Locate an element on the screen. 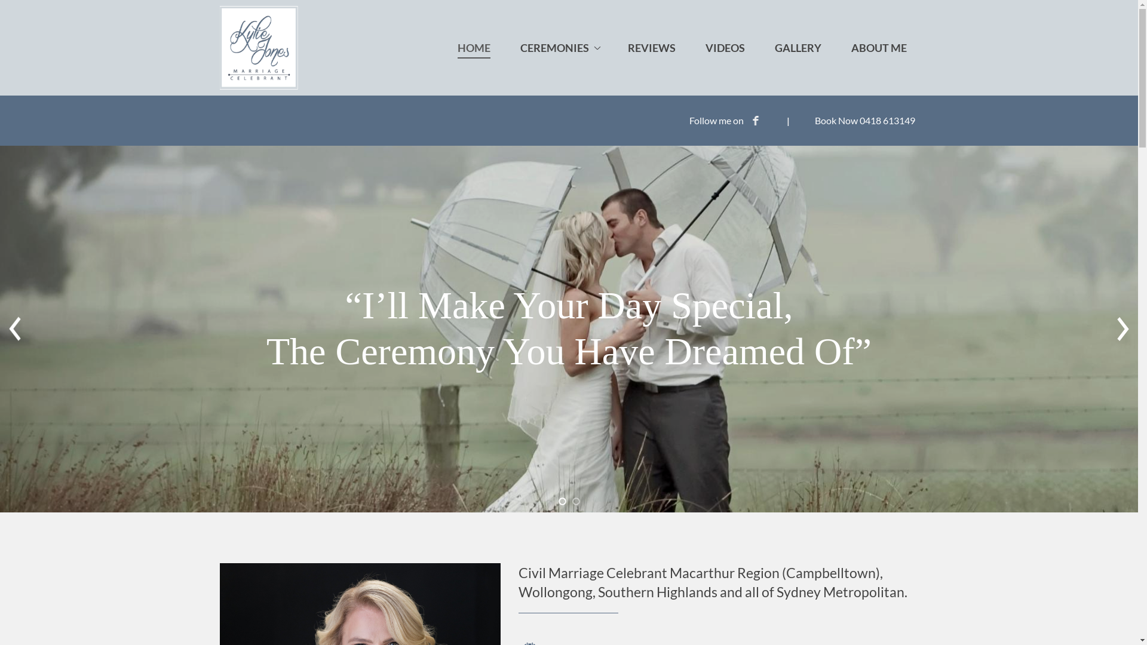 Image resolution: width=1147 pixels, height=645 pixels. 'ABOUT ME' is located at coordinates (838, 47).